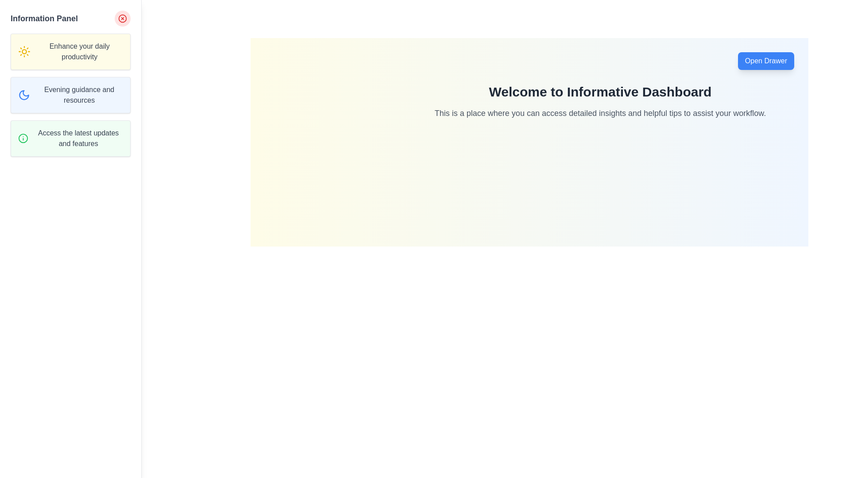  Describe the element at coordinates (23, 138) in the screenshot. I see `the icon located in the left sidebar under the 'Information Panel' header, specifically under the third option labeled 'Access the latest updates and features'` at that location.